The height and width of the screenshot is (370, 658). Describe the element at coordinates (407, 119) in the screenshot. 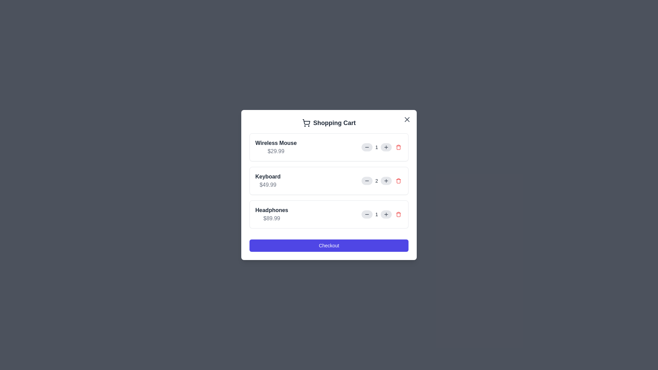

I see `the Close button located in the top-right corner of the 'Shopping Cart' modal dialog to trigger a tooltip or highlight effect` at that location.